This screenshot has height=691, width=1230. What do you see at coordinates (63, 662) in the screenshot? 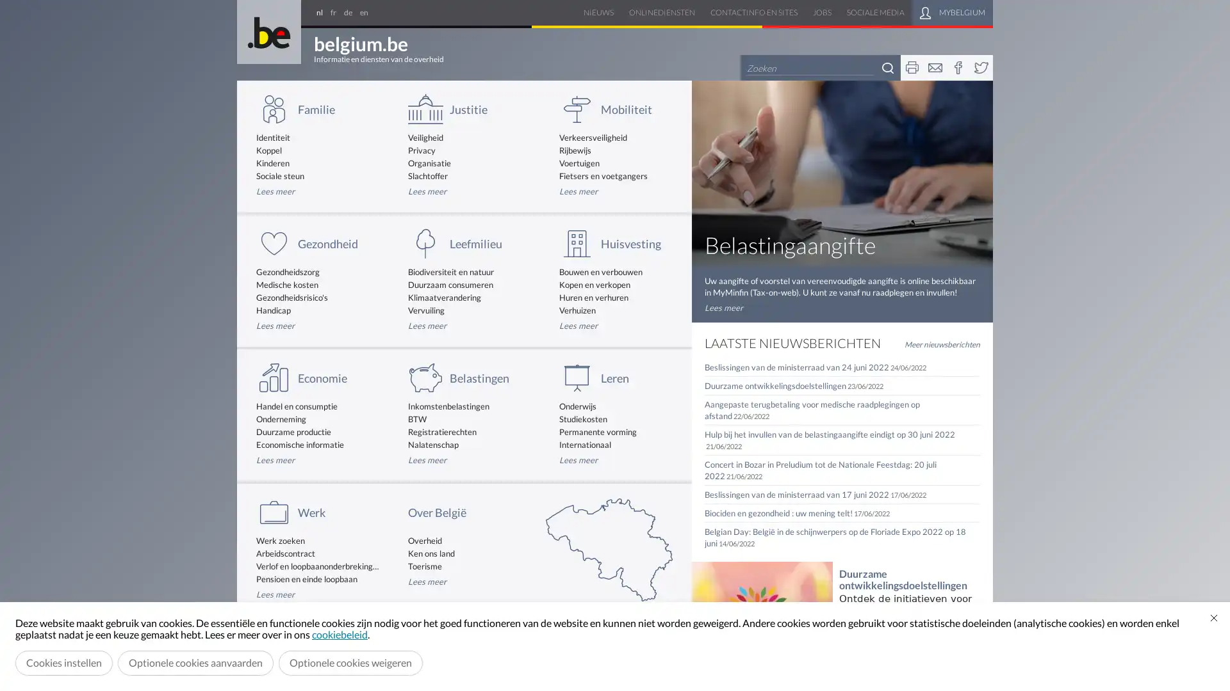
I see `Cookies instellen` at bounding box center [63, 662].